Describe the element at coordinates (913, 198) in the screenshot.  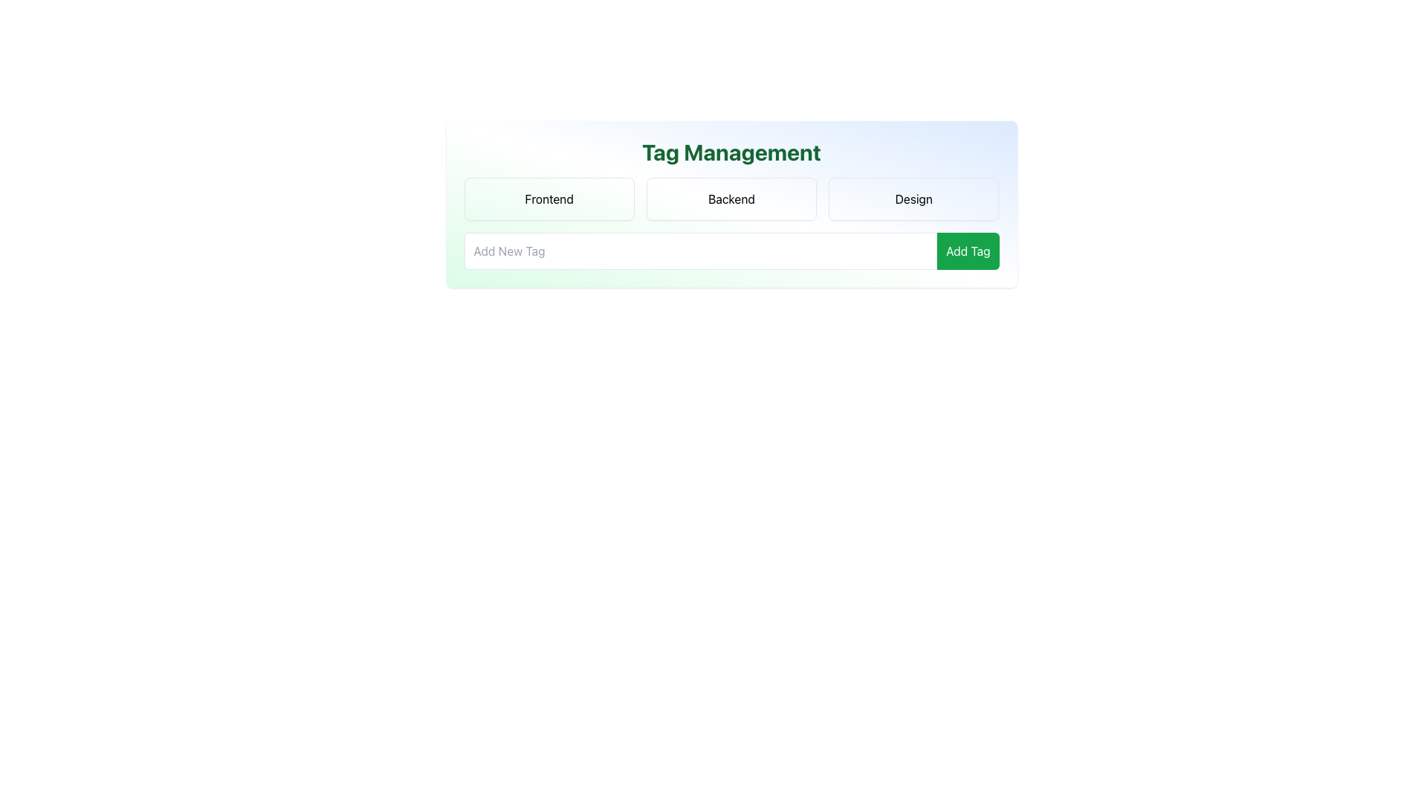
I see `the 'Design' button, which has a white background and black centered text` at that location.